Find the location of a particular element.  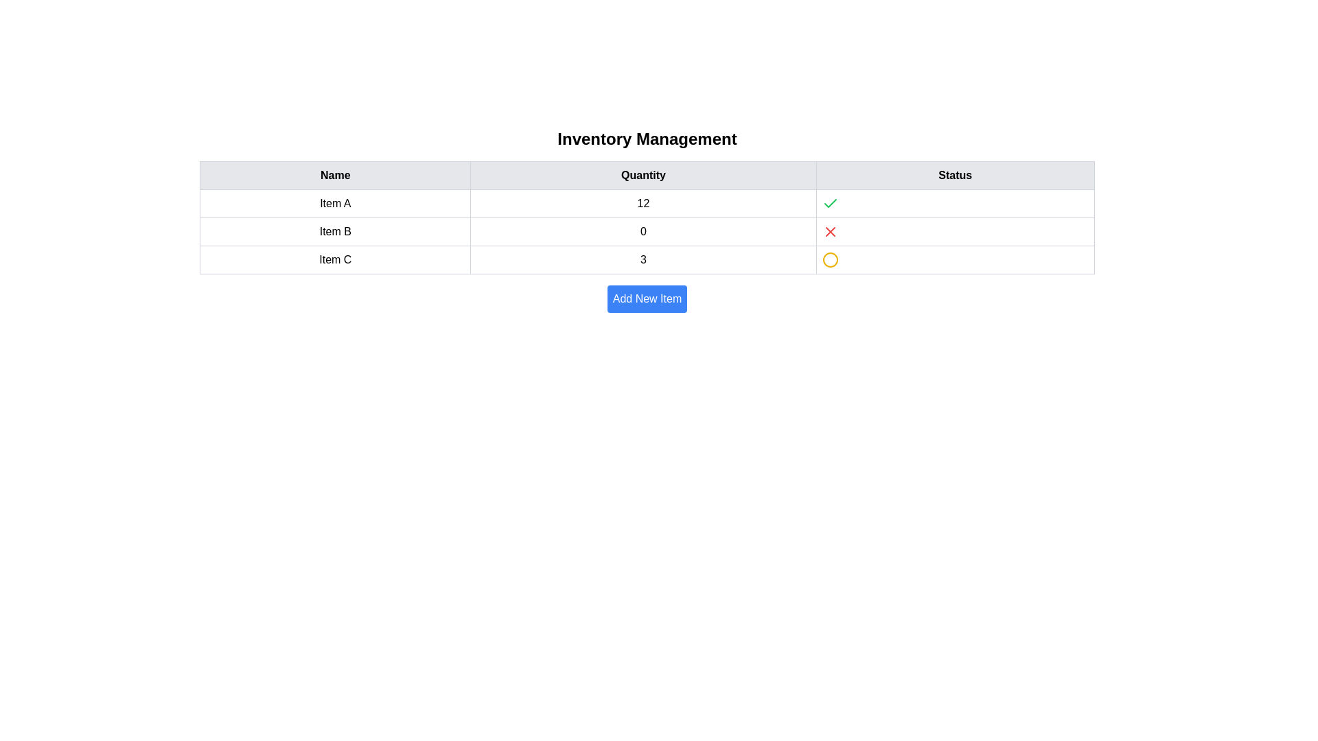

the status indicator icon in the second row of the table, located under the 'Status' column next to 'Item B' and '0' is located at coordinates (829, 231).